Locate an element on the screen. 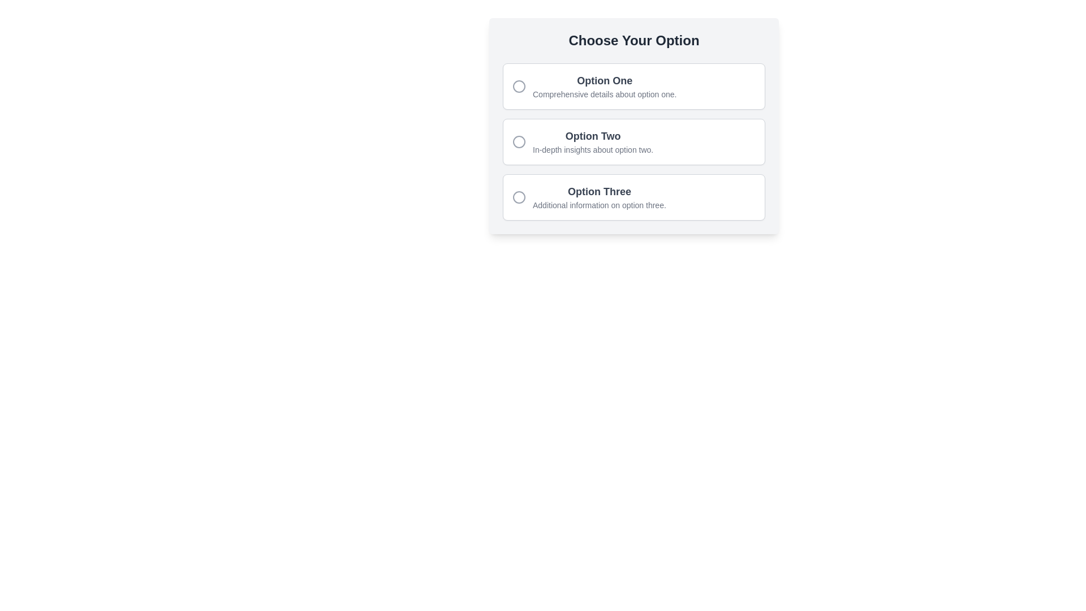  text element that contains the phrase 'In-depth insights about option two.', which is styled in gray and located just below the heading 'Option Two' is located at coordinates (592, 149).